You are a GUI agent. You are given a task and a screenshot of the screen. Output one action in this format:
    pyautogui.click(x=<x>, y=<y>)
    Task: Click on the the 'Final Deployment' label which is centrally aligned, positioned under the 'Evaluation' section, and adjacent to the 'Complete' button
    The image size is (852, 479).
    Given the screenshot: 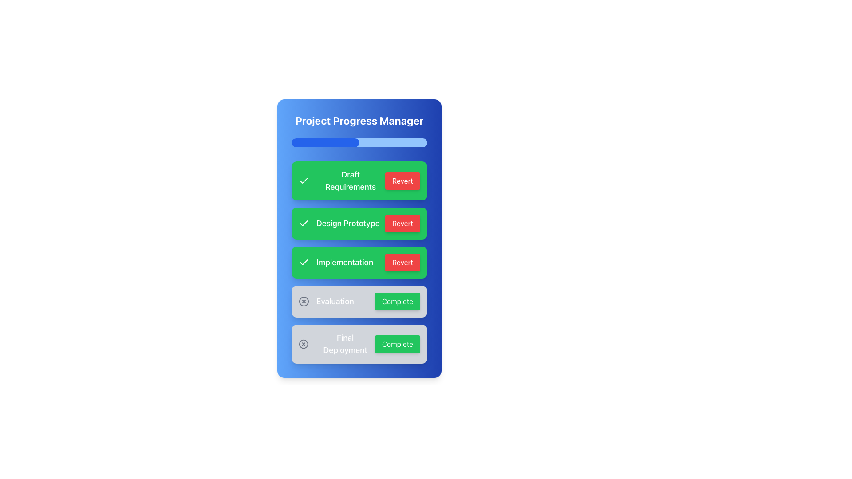 What is the action you would take?
    pyautogui.click(x=345, y=343)
    